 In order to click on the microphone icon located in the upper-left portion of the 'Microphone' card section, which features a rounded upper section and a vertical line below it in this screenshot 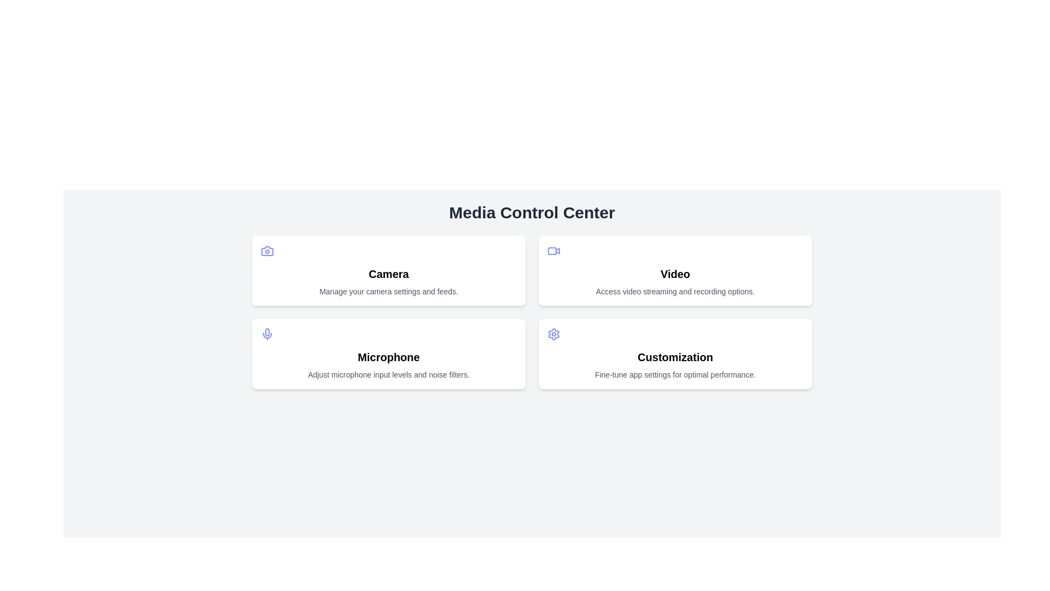, I will do `click(267, 333)`.